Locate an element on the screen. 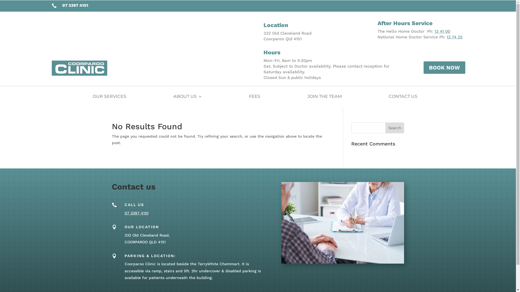  'CONTACT US' is located at coordinates (403, 96).